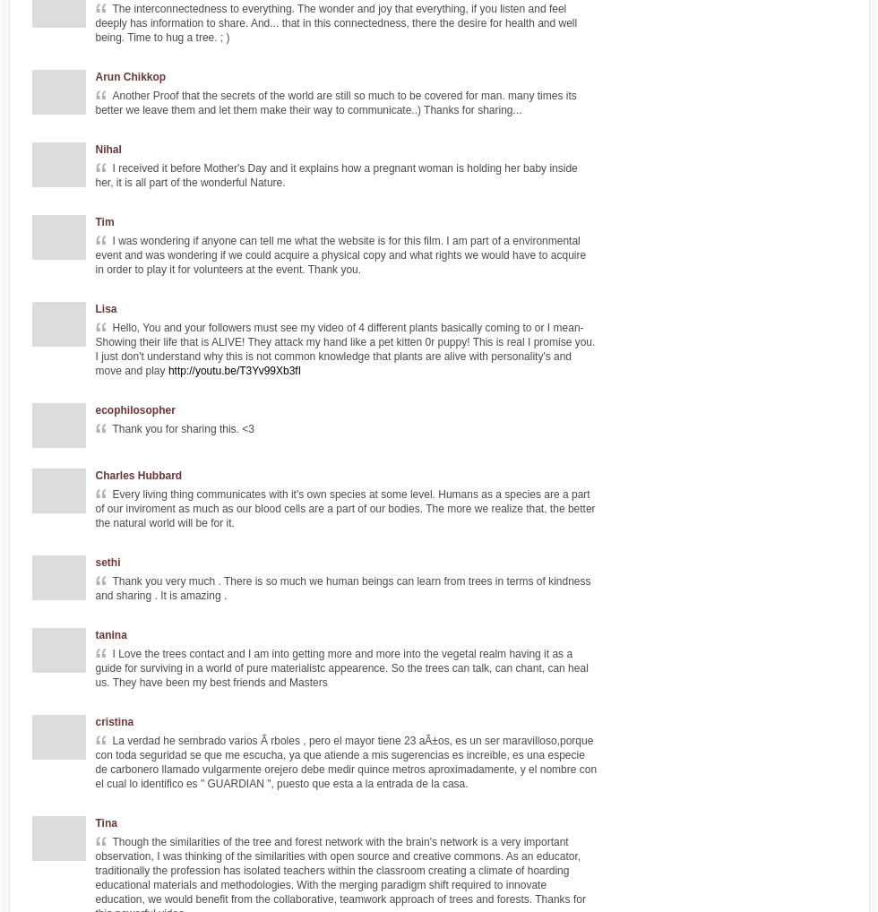 This screenshot has height=912, width=878. I want to click on 'ecophilosopher', so click(134, 409).